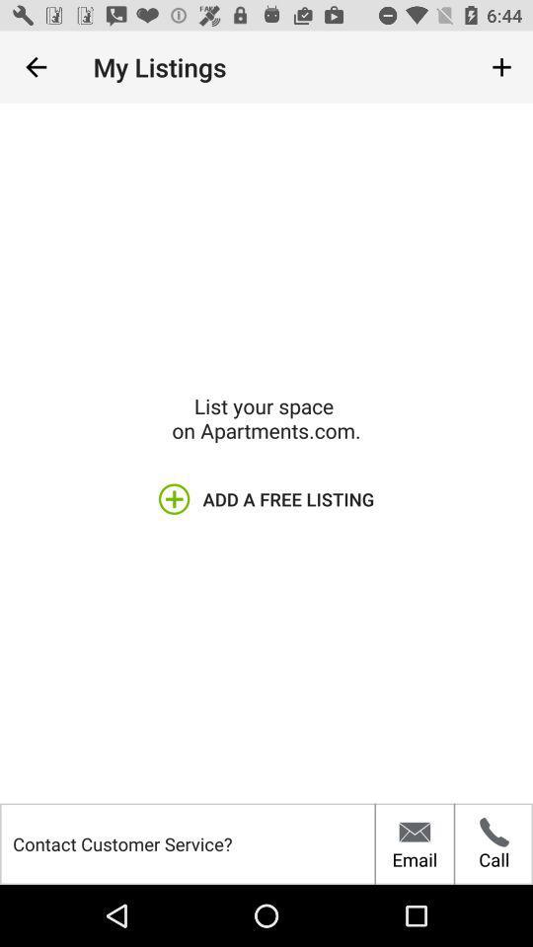 The height and width of the screenshot is (947, 533). What do you see at coordinates (36, 67) in the screenshot?
I see `icon to the left of my listings item` at bounding box center [36, 67].